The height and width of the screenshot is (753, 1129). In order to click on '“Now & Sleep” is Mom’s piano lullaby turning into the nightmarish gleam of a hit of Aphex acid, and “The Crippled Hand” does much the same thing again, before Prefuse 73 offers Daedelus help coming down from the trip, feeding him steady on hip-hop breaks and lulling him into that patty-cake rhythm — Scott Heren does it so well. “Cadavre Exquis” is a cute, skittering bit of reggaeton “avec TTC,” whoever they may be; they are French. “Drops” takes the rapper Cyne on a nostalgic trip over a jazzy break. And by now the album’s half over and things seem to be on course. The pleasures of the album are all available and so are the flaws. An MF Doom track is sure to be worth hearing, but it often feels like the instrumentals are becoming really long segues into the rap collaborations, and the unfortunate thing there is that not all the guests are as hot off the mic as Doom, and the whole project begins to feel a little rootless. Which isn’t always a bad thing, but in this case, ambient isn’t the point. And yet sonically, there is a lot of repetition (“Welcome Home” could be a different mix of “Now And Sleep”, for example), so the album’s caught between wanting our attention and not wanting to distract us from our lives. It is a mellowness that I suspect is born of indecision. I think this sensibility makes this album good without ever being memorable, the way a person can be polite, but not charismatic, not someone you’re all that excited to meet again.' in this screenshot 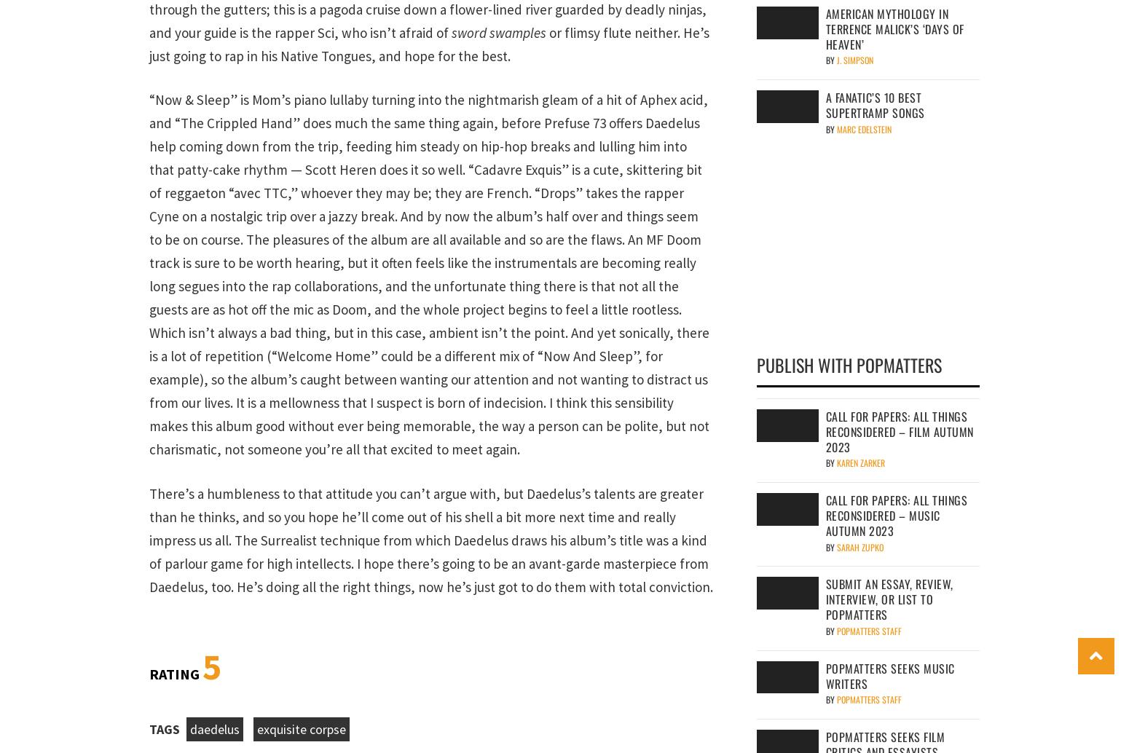, I will do `click(429, 273)`.